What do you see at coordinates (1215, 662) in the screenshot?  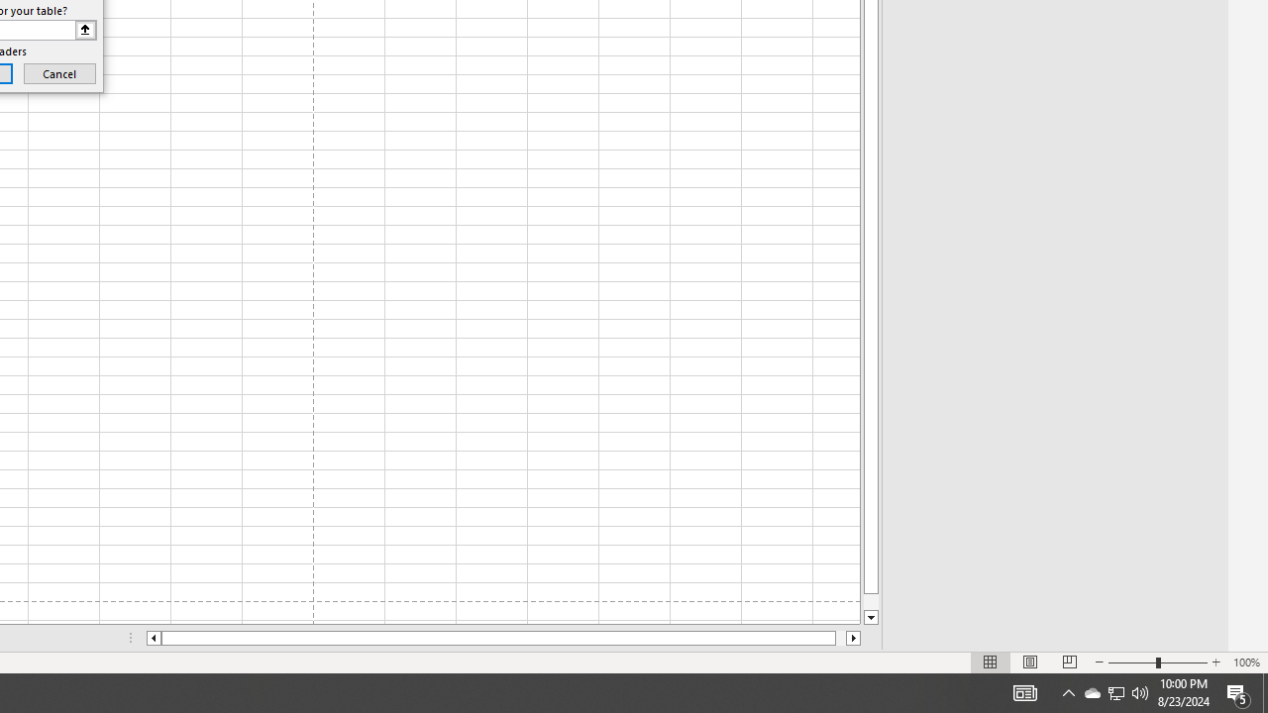 I see `'Zoom In'` at bounding box center [1215, 662].